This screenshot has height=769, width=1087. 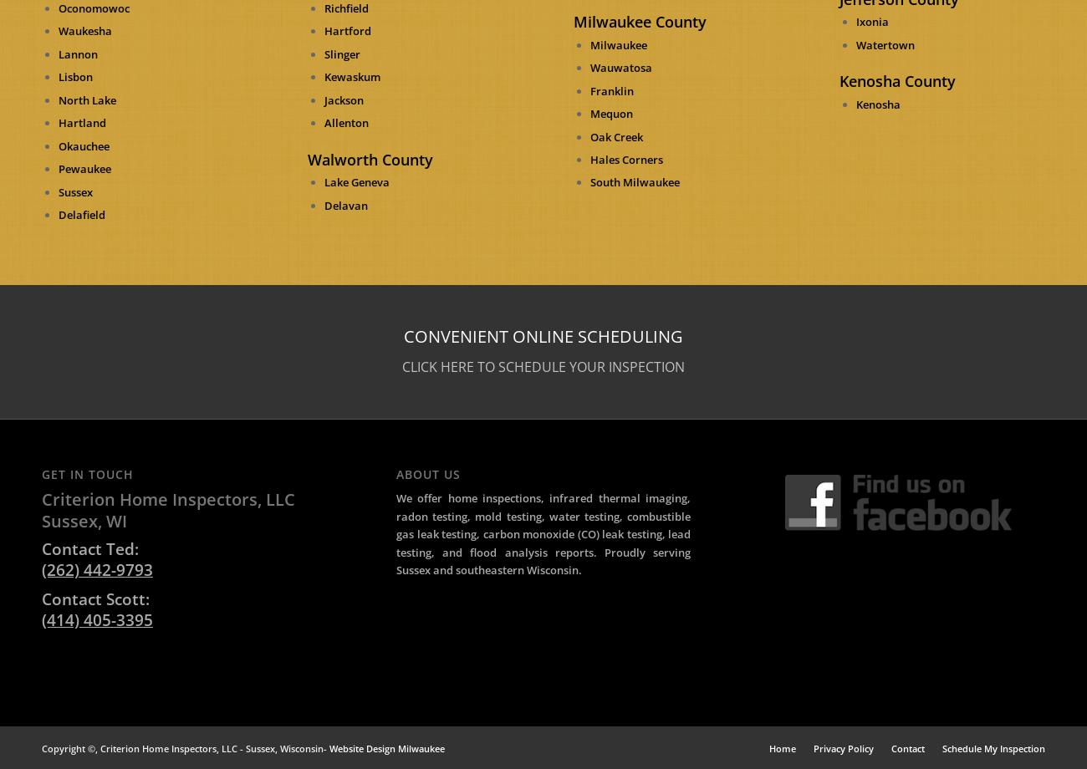 What do you see at coordinates (508, 515) in the screenshot?
I see `'mold testing'` at bounding box center [508, 515].